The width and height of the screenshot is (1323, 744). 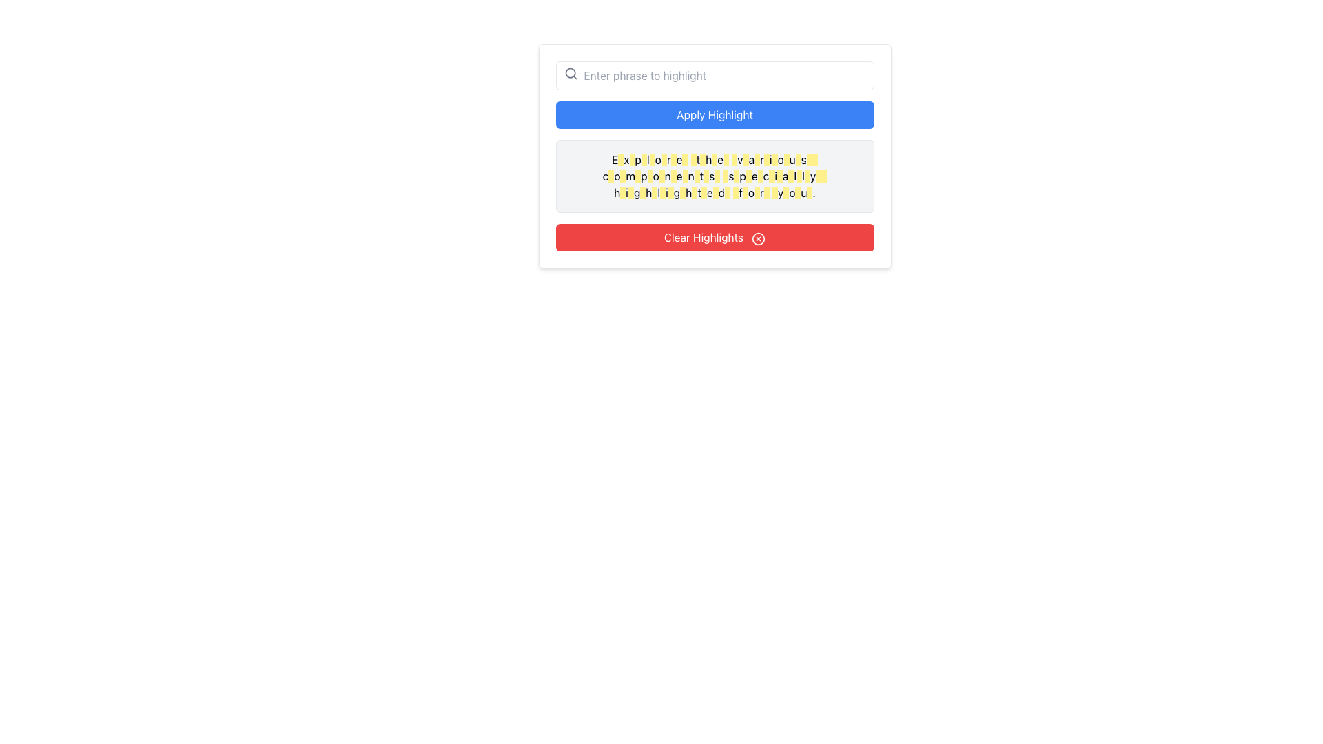 What do you see at coordinates (810, 193) in the screenshot?
I see `the highlighted text area that draws attention to the segment 'Explore the various components specially highlighted for you.' This highlight is located at the bottom-right corner of the text block` at bounding box center [810, 193].